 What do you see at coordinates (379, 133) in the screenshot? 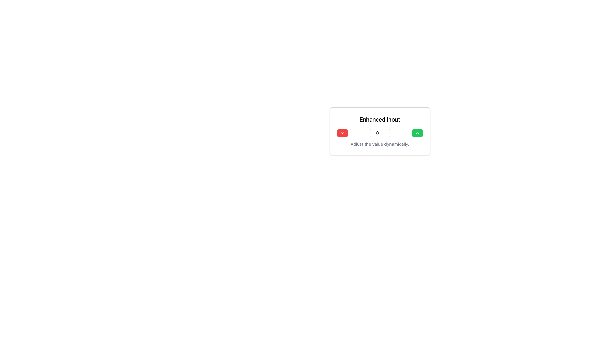
I see `the number input field with a white background and thin gray border to focus on it` at bounding box center [379, 133].